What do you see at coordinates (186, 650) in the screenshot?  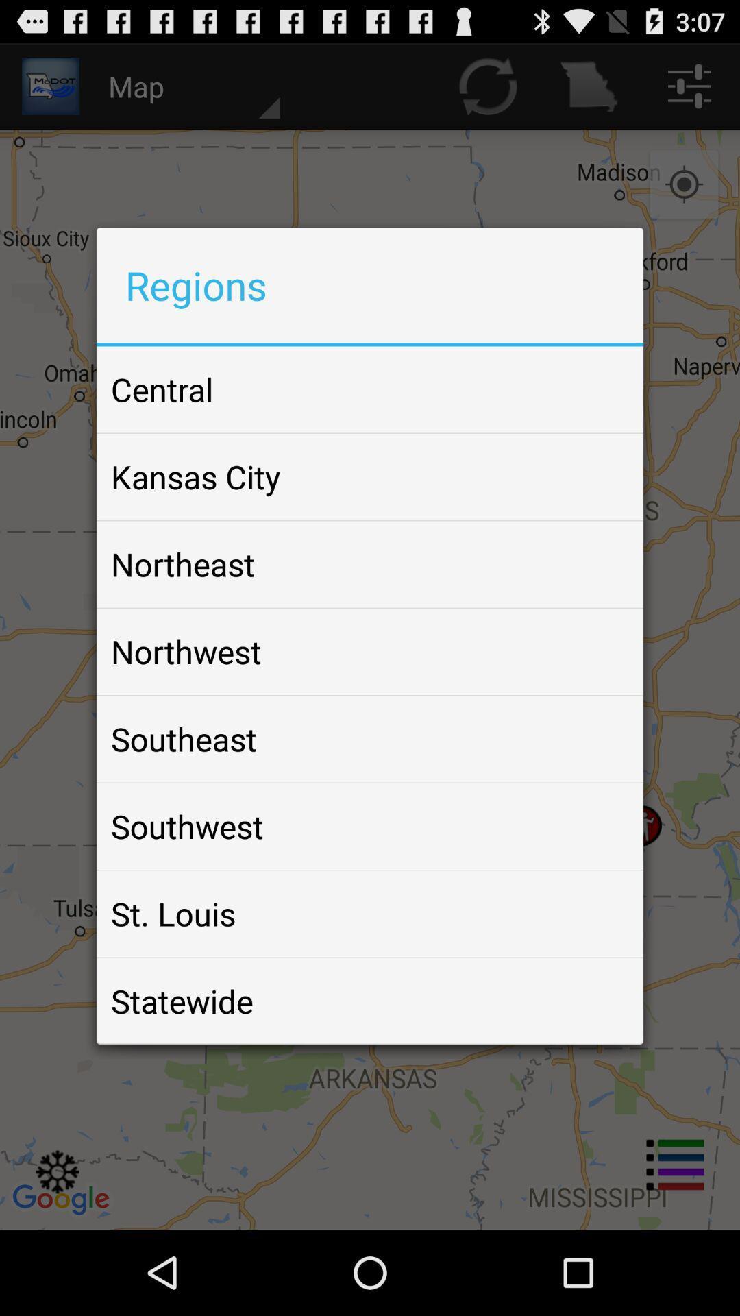 I see `the icon below the northeast icon` at bounding box center [186, 650].